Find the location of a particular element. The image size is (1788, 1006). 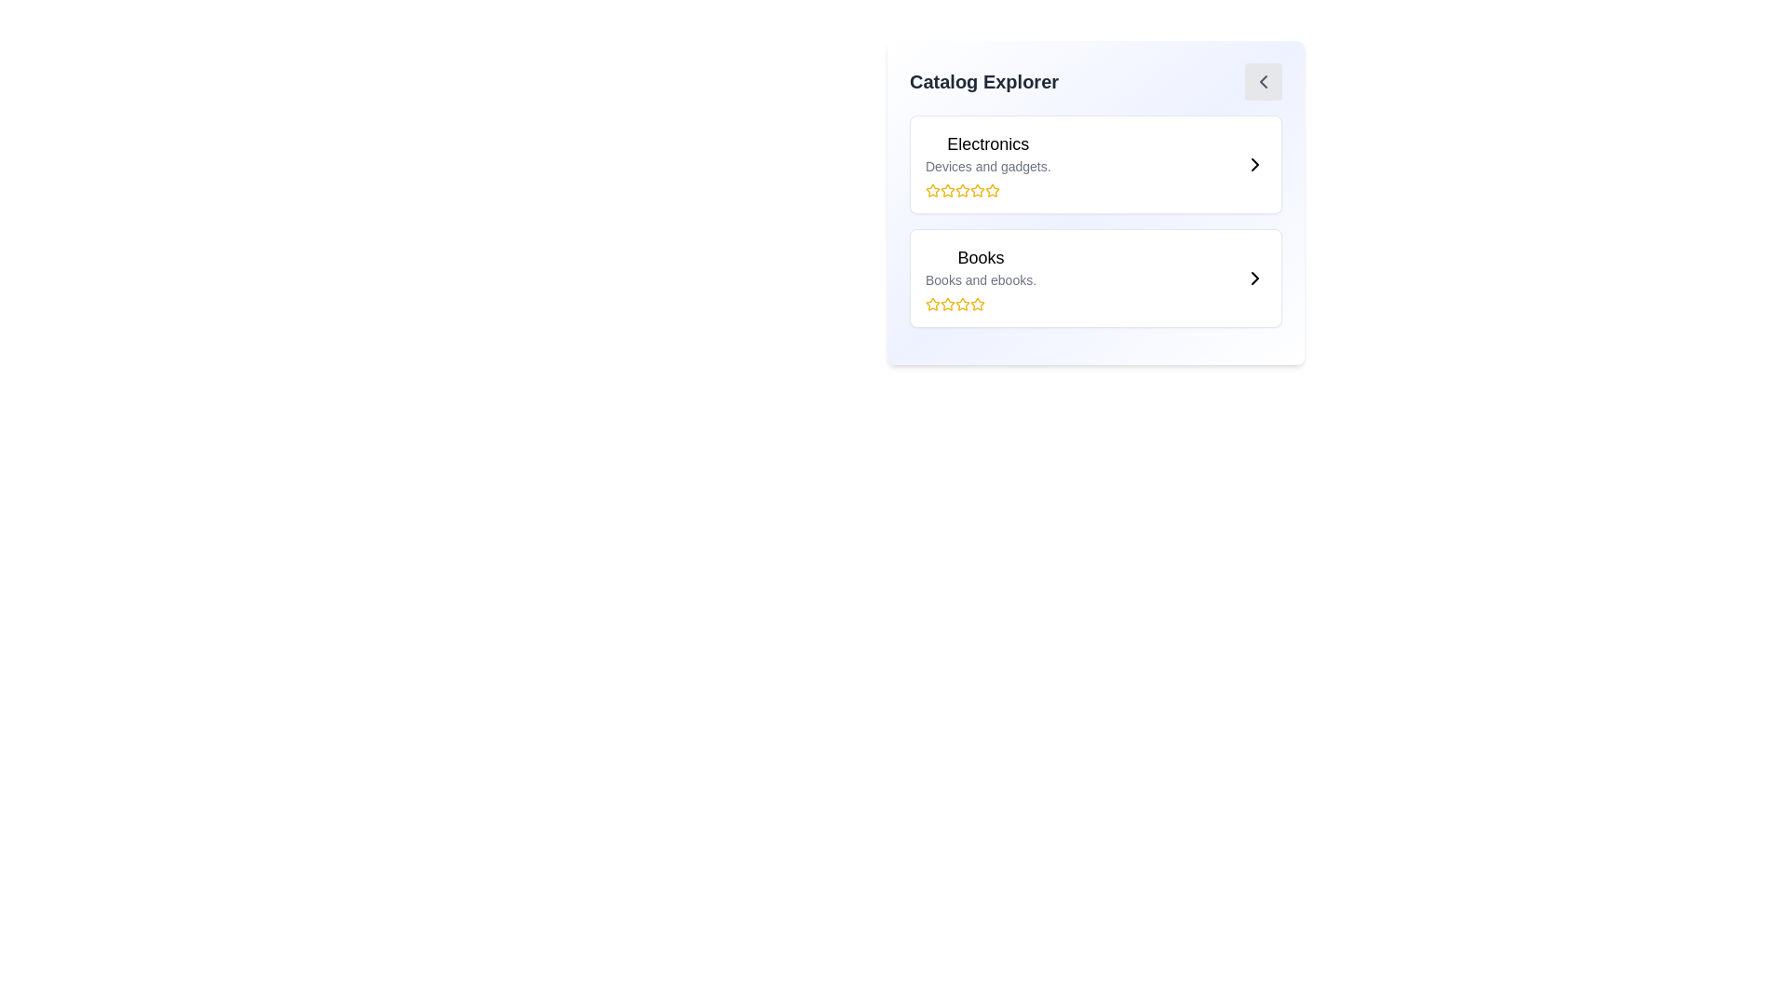

the star-based rating selector located beneath the 'Books and ebooks.' text in the 'Books' section is located at coordinates (980, 304).